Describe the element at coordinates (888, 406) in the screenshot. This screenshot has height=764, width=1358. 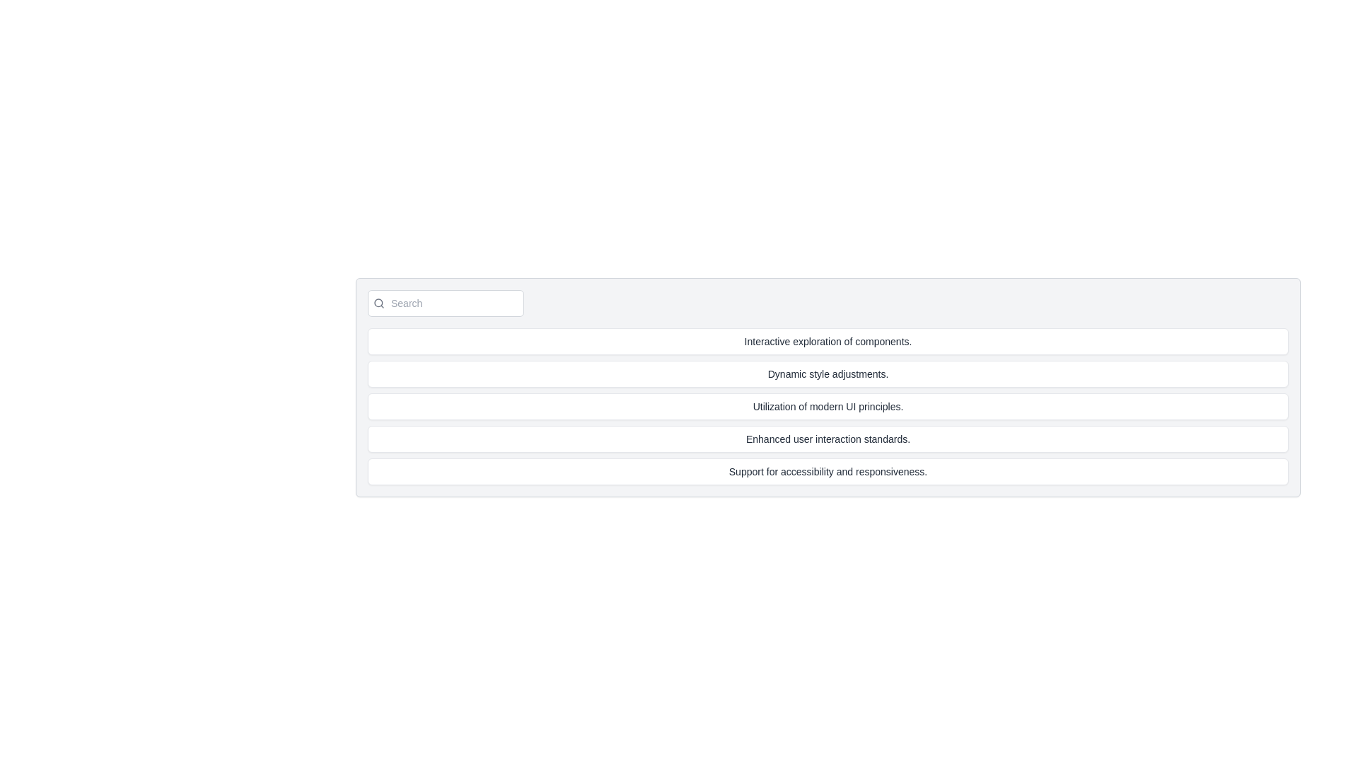
I see `the static text character 'l' in the list item titled 'Utilization of modern UI principles.'` at that location.